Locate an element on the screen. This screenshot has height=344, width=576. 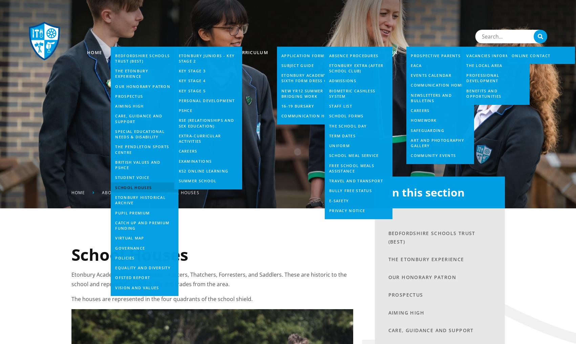
'Parents' Area' is located at coordinates (434, 52).